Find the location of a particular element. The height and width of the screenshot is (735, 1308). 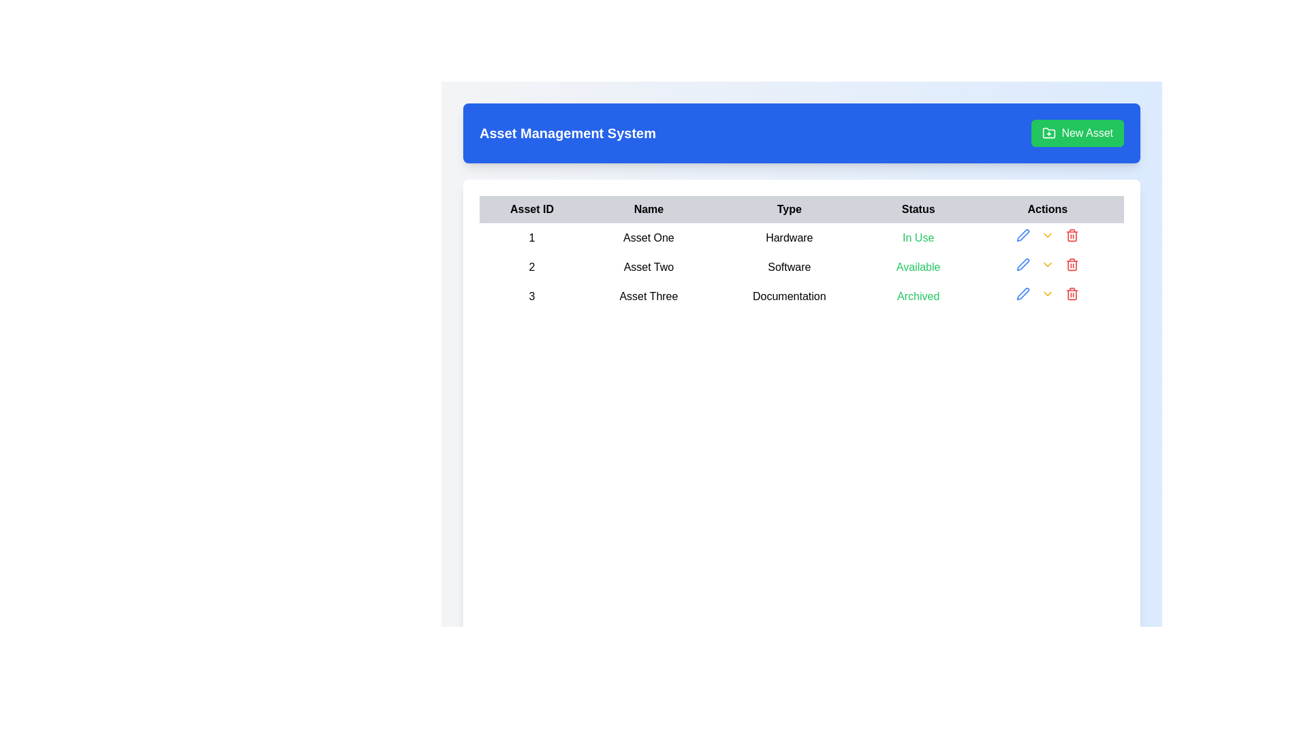

the table cell containing the word 'Software' in bold font, located in the 'Type' column of the second row for 'Asset Two' is located at coordinates (789, 267).